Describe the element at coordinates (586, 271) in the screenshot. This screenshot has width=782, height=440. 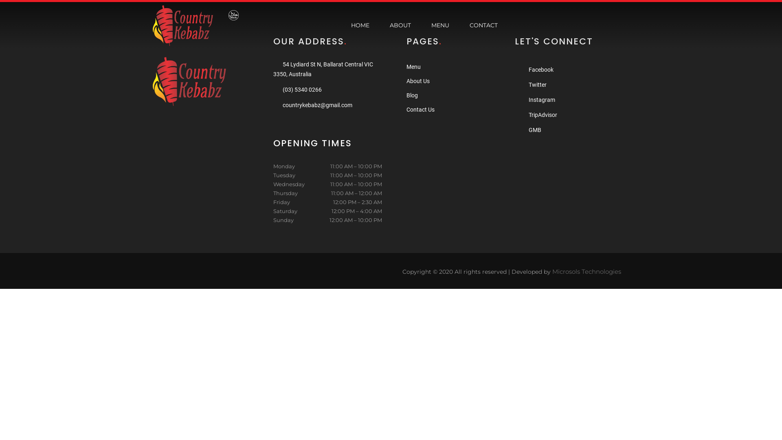
I see `'Microsols Technologies'` at that location.